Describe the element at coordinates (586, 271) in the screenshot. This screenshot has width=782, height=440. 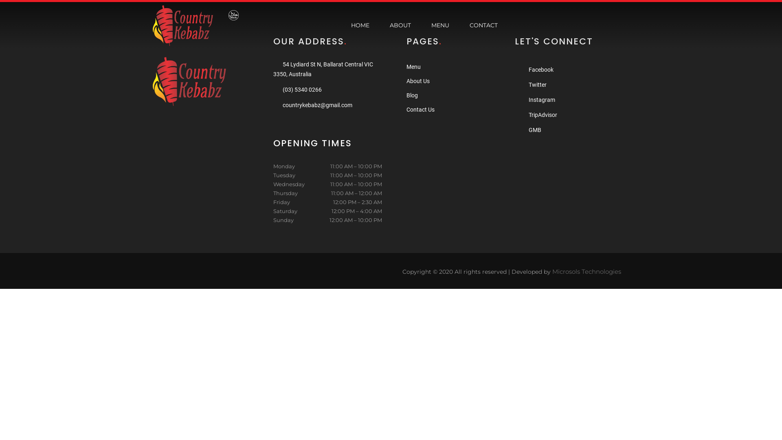
I see `'Microsols Technologies'` at that location.